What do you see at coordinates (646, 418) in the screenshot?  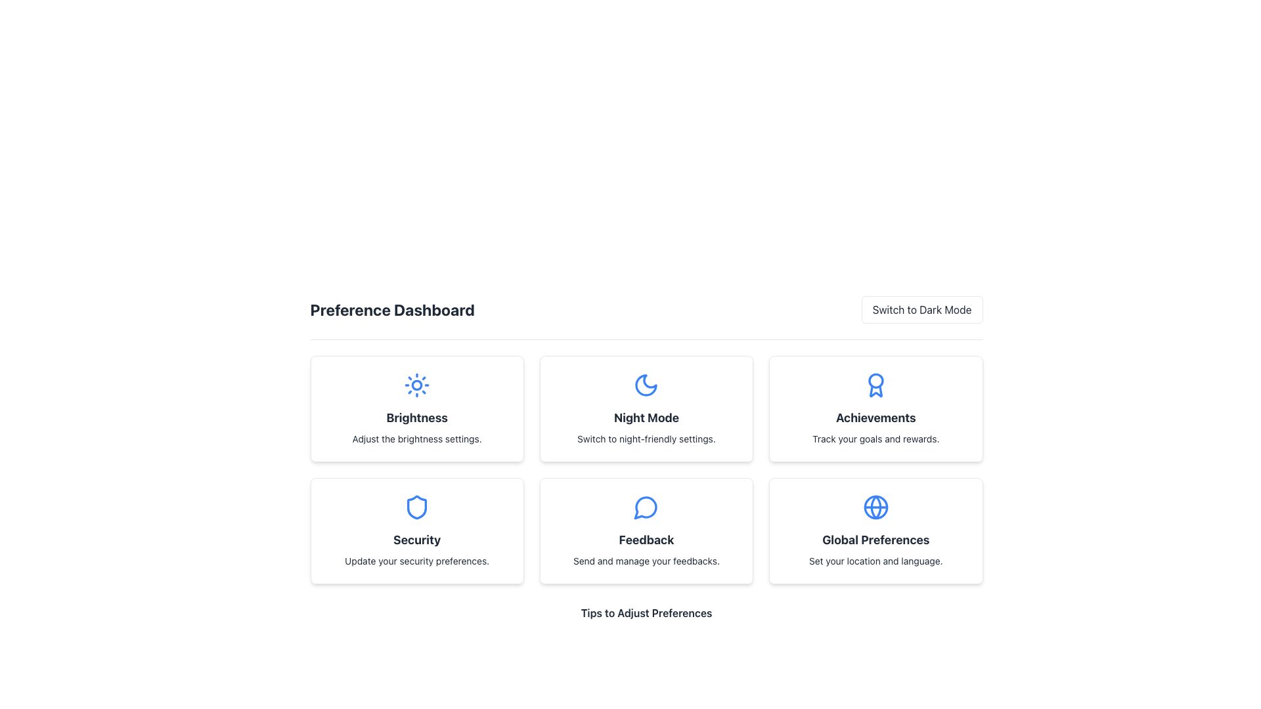 I see `the text label reading 'Night Mode' which is styled with a bold font and located beneath a moon icon in the second card of the top row in the grid layout` at bounding box center [646, 418].